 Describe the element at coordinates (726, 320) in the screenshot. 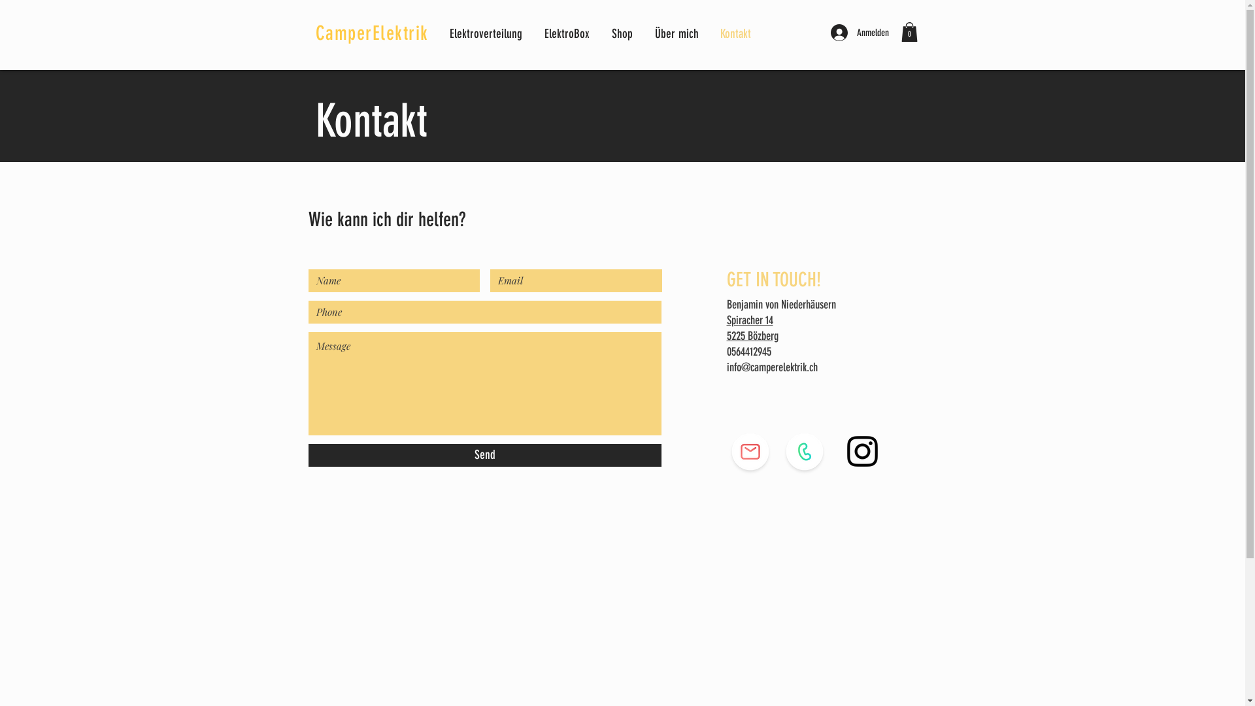

I see `'Spiracher 14'` at that location.